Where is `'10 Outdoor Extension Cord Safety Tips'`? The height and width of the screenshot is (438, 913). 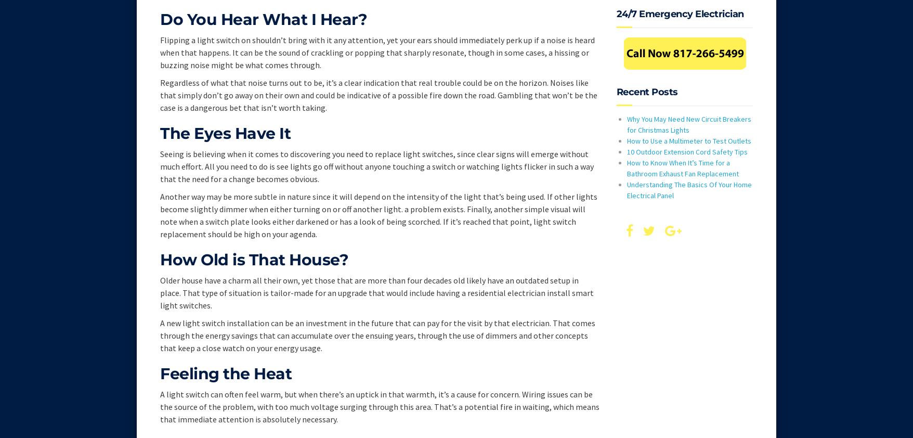
'10 Outdoor Extension Cord Safety Tips' is located at coordinates (687, 151).